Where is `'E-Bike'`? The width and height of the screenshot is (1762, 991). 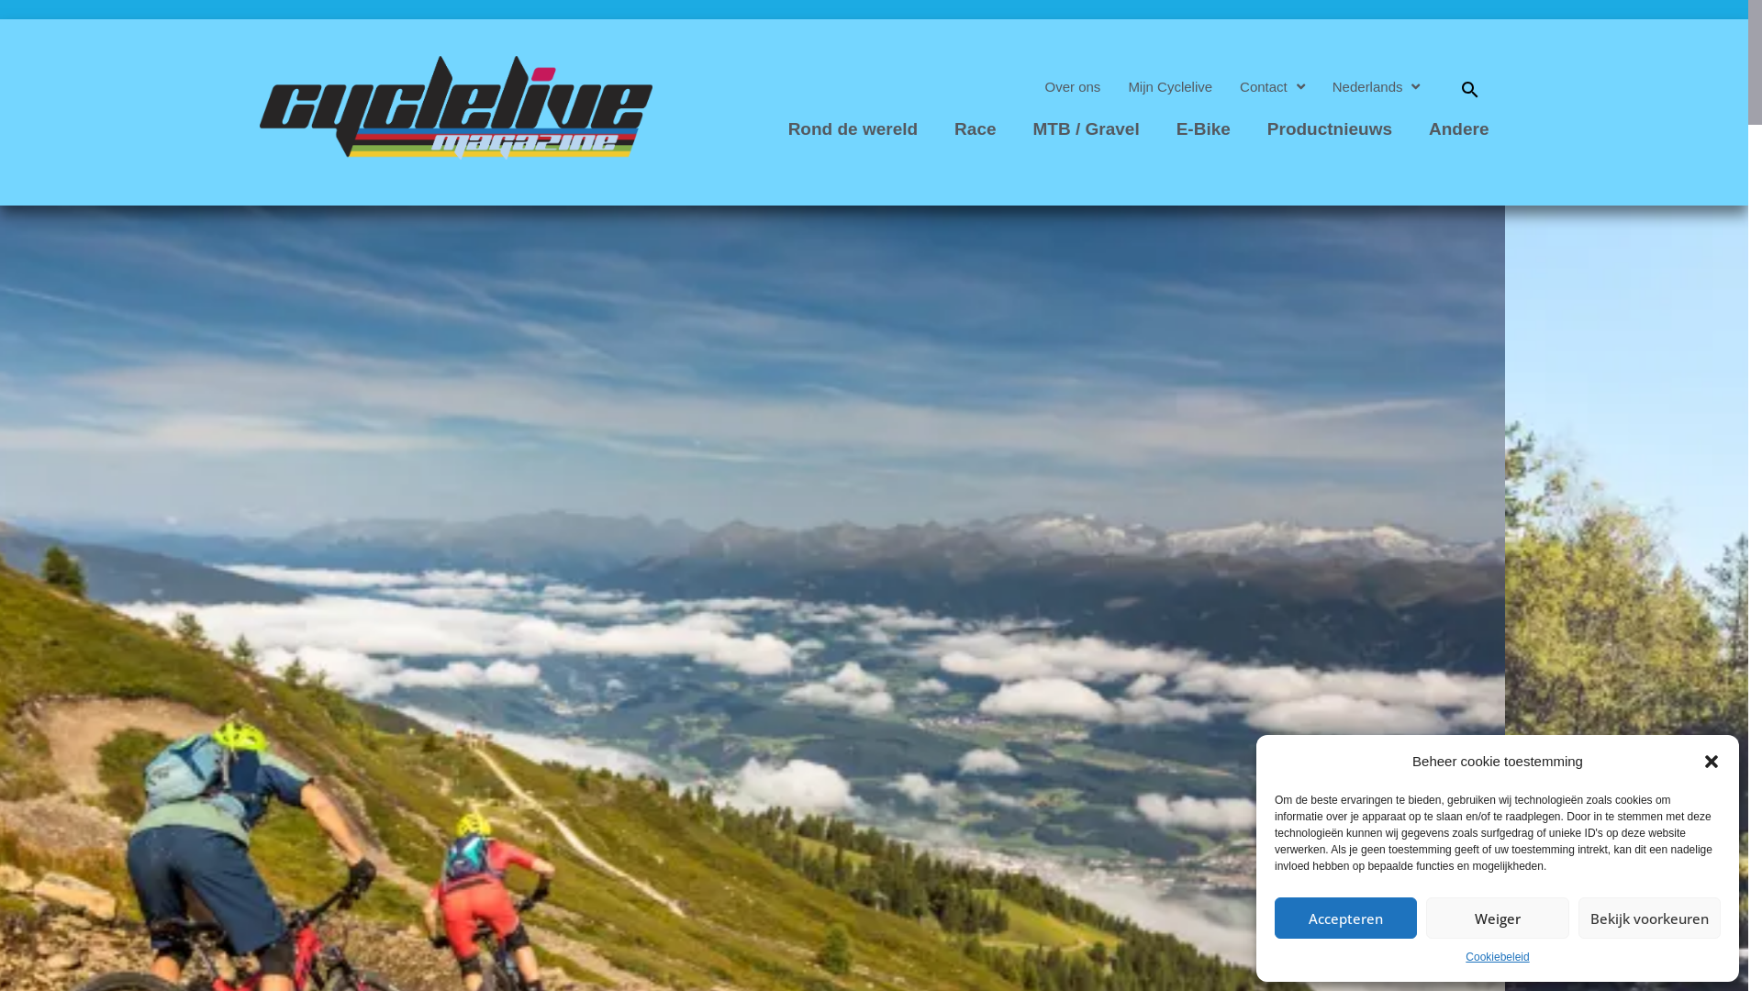 'E-Bike' is located at coordinates (1203, 128).